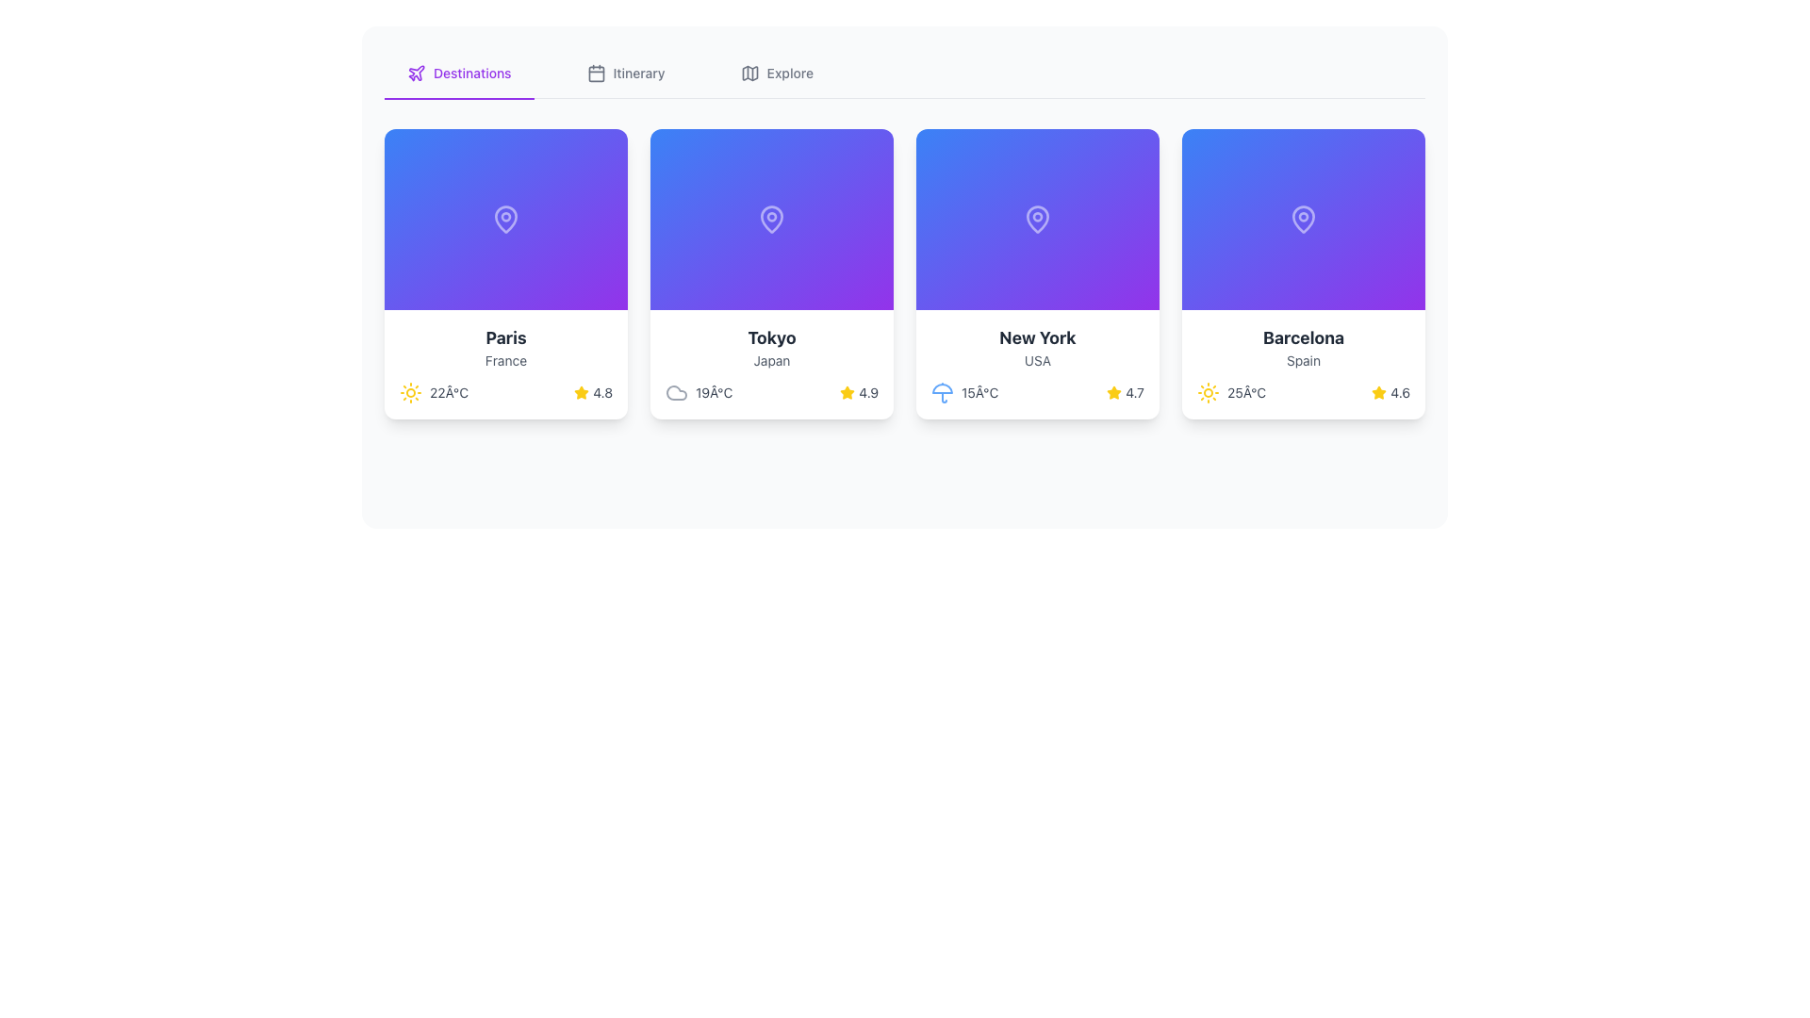 Image resolution: width=1810 pixels, height=1018 pixels. Describe the element at coordinates (777, 72) in the screenshot. I see `the third button in the horizontal menu bar, which serves as a navigation link to the 'Explore' section of the application` at that location.